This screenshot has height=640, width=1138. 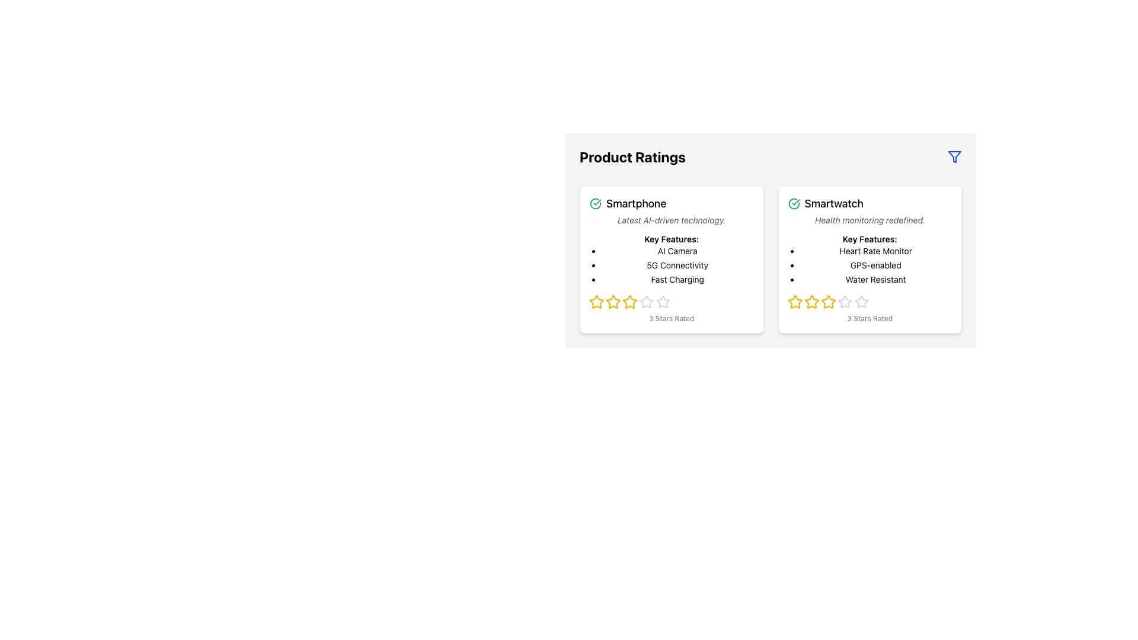 I want to click on the text label displaying '3 Stars Rated', which is styled in small gray text and positioned below the star icons of the Smartwatch product card, so click(x=870, y=318).